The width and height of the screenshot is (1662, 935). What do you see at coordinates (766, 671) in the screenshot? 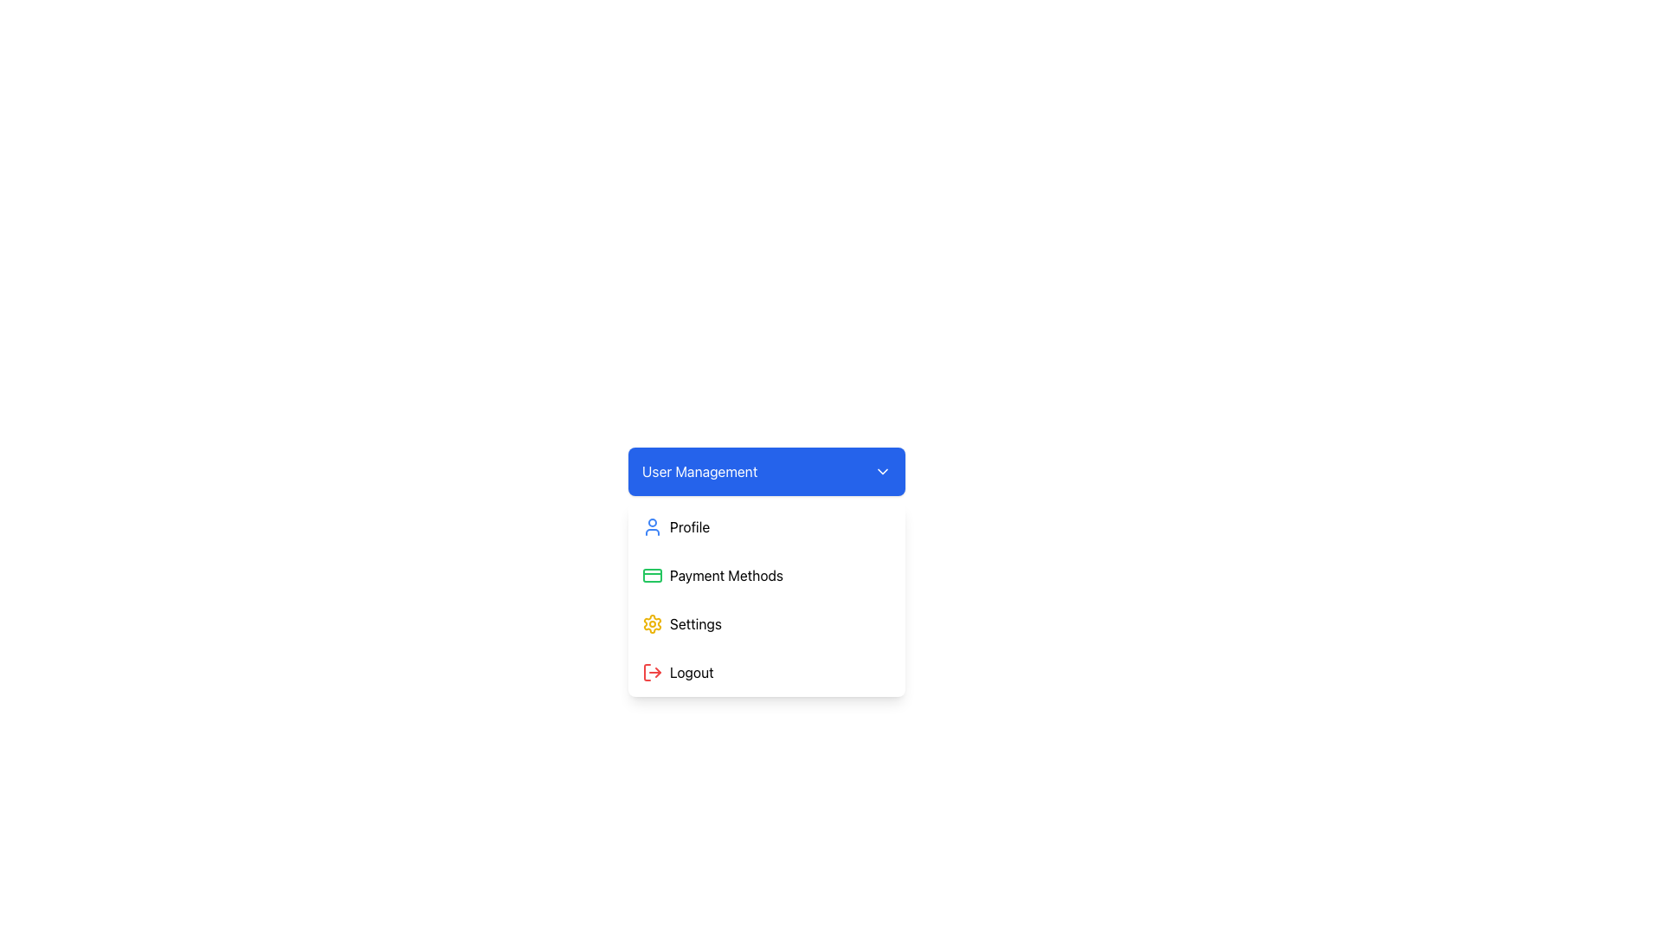
I see `the logout button, which is the fourth item in the vertical menu dropdown at the bottom of the list` at bounding box center [766, 671].